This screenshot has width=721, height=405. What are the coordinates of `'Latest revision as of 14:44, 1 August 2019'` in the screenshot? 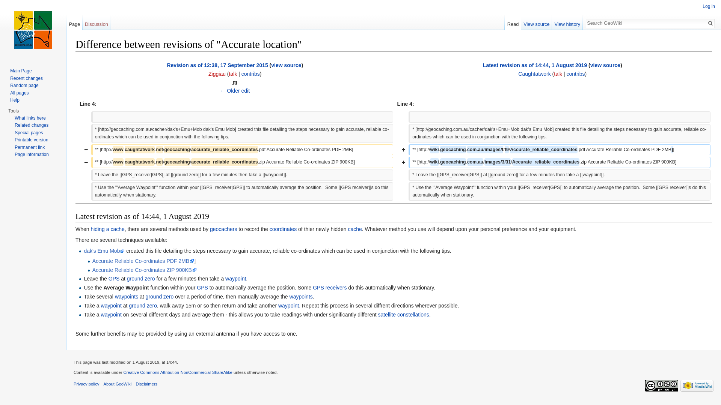 It's located at (534, 64).